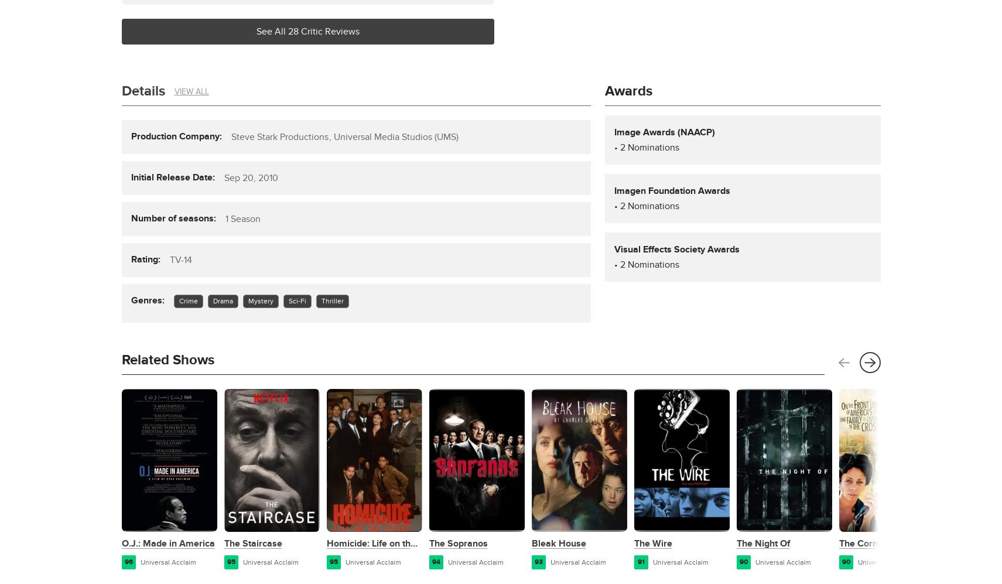  I want to click on 'The Corner', so click(838, 543).